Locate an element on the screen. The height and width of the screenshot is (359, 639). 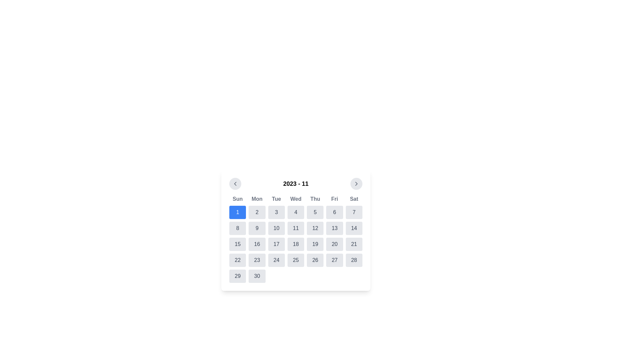
the button displaying the number '14' in a dark gray font within the calendar grid is located at coordinates (353, 228).